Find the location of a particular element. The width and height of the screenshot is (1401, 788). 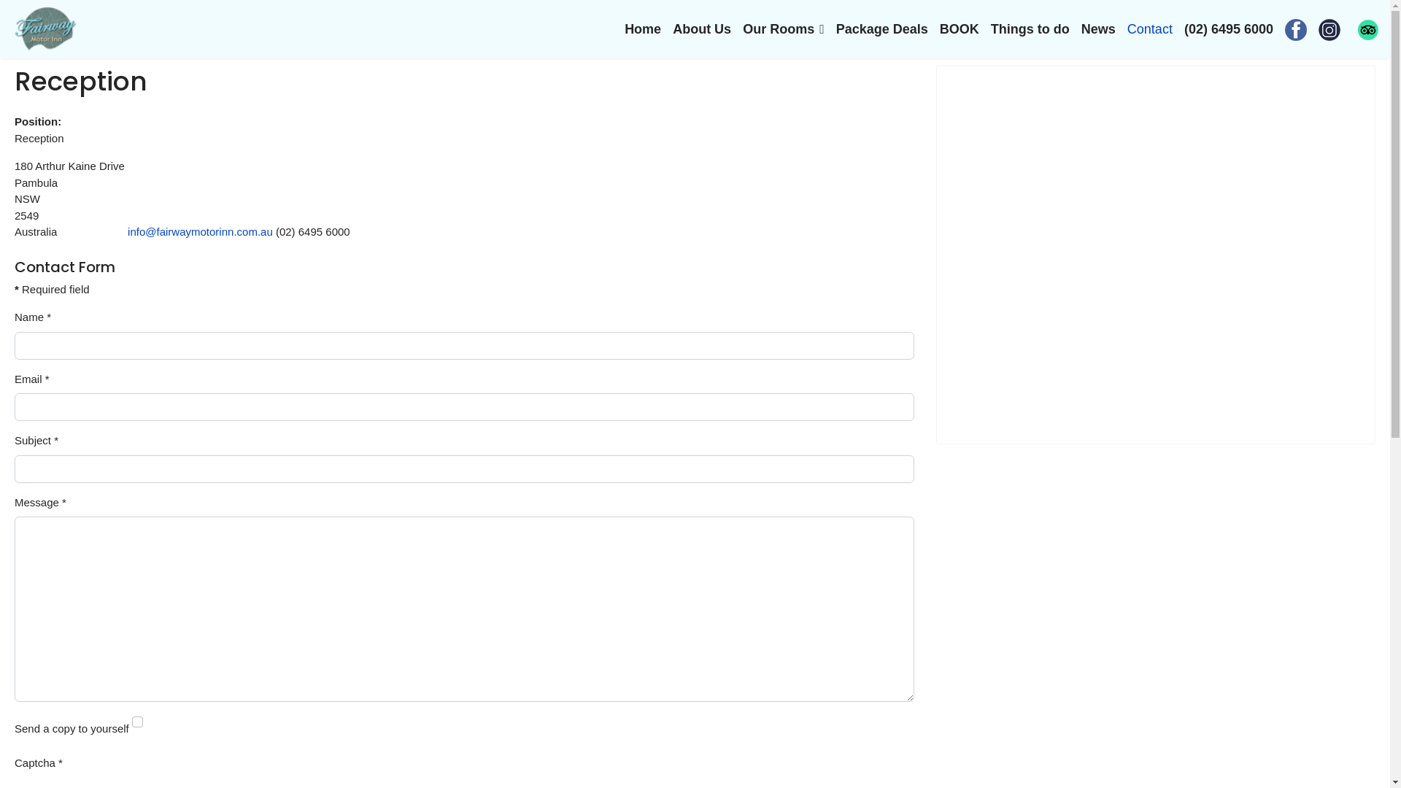

'About Us' is located at coordinates (701, 28).